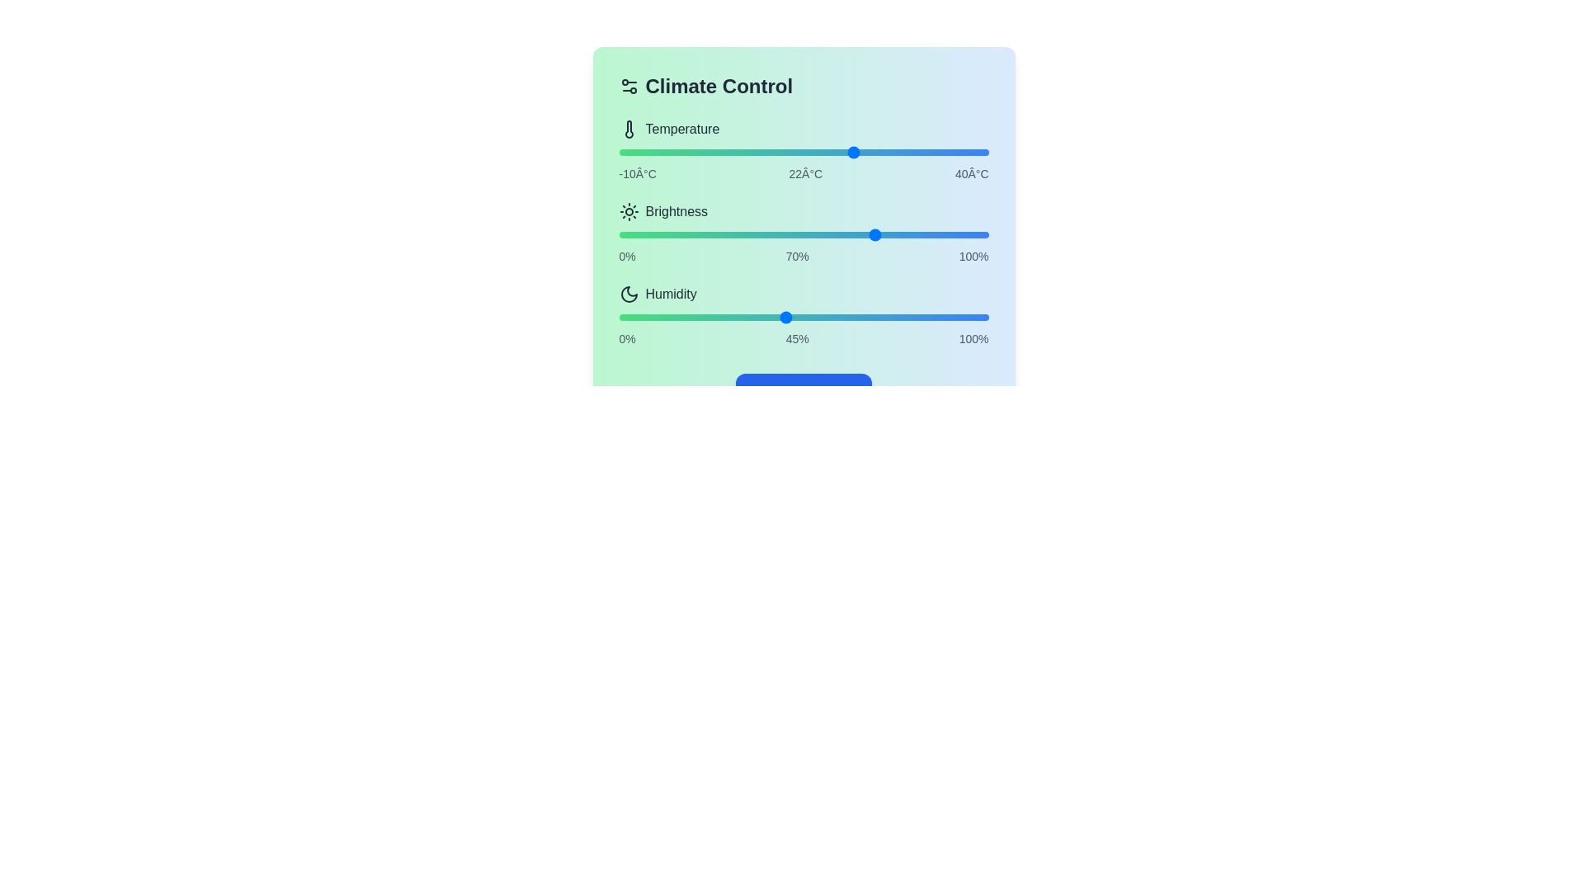 The width and height of the screenshot is (1584, 891). What do you see at coordinates (637, 174) in the screenshot?
I see `the text label displaying '-10°C'` at bounding box center [637, 174].